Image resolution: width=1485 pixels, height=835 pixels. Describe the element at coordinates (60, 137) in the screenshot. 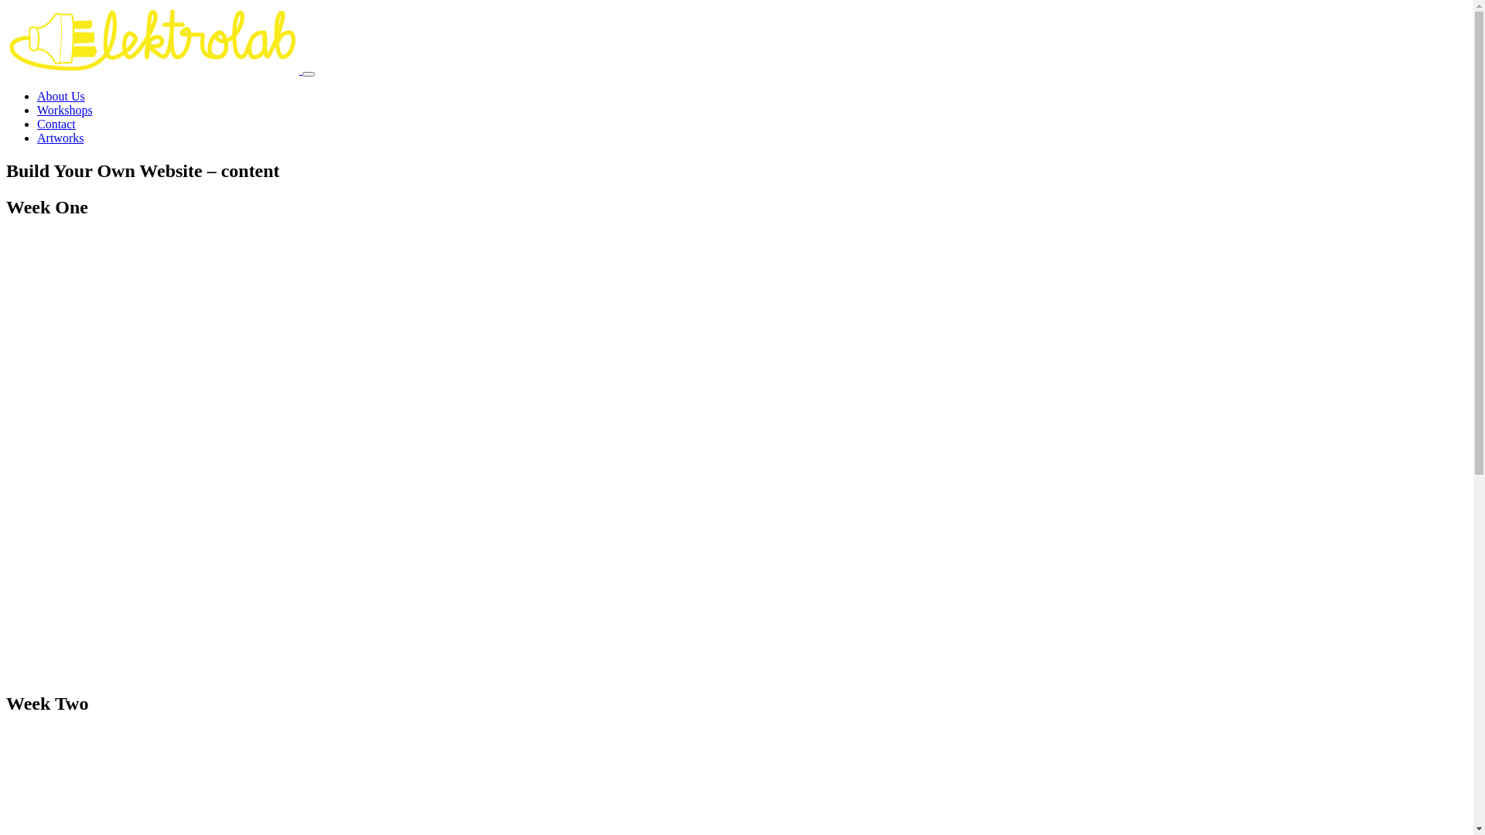

I see `'Artworks'` at that location.